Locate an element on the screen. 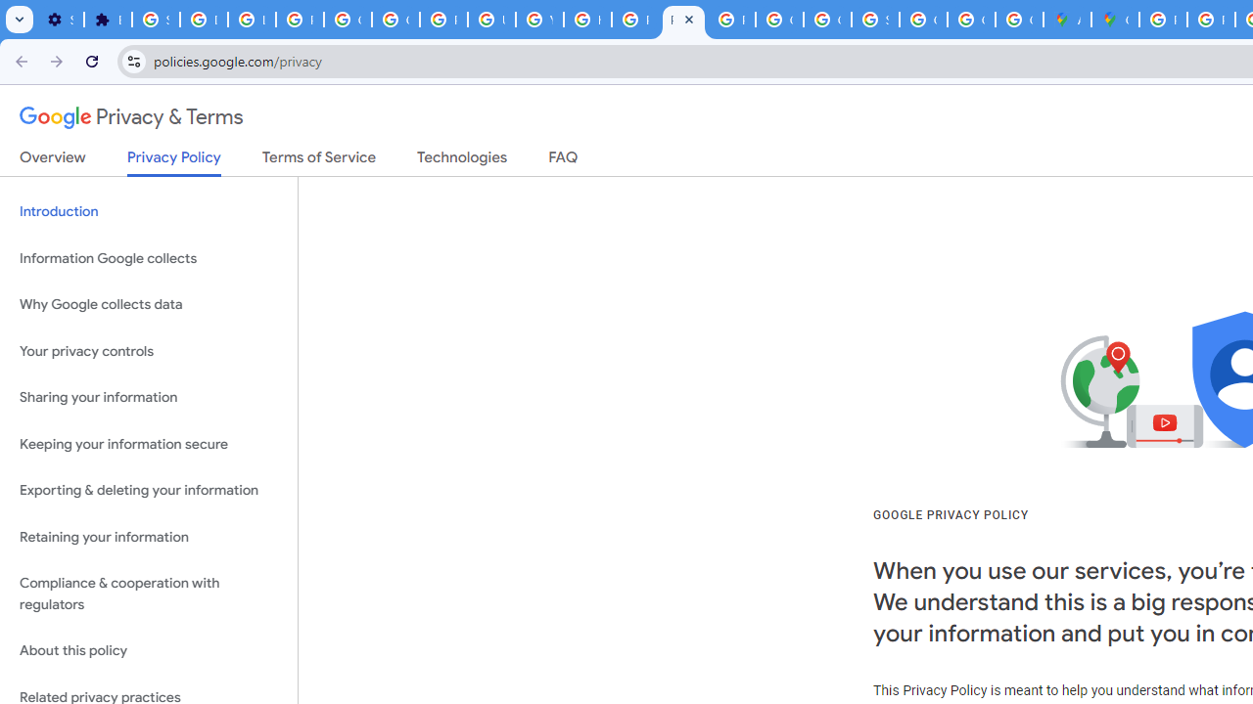 The height and width of the screenshot is (704, 1253). 'Retaining your information' is located at coordinates (148, 537).